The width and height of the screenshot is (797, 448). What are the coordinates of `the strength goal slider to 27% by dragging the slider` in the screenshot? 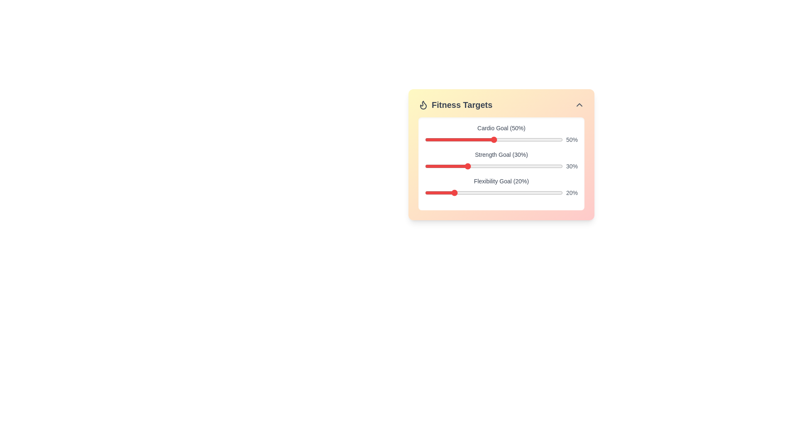 It's located at (462, 166).